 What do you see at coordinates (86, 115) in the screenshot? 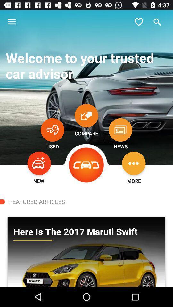
I see `compare car selections` at bounding box center [86, 115].